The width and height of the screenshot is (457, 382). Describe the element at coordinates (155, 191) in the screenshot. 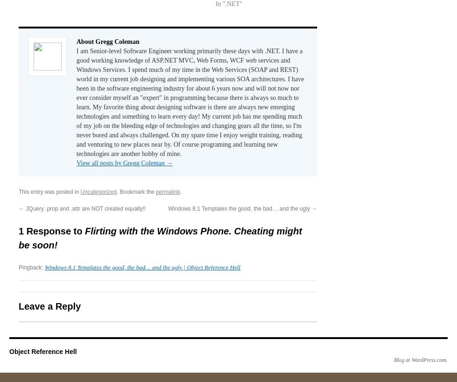

I see `'permalink'` at that location.